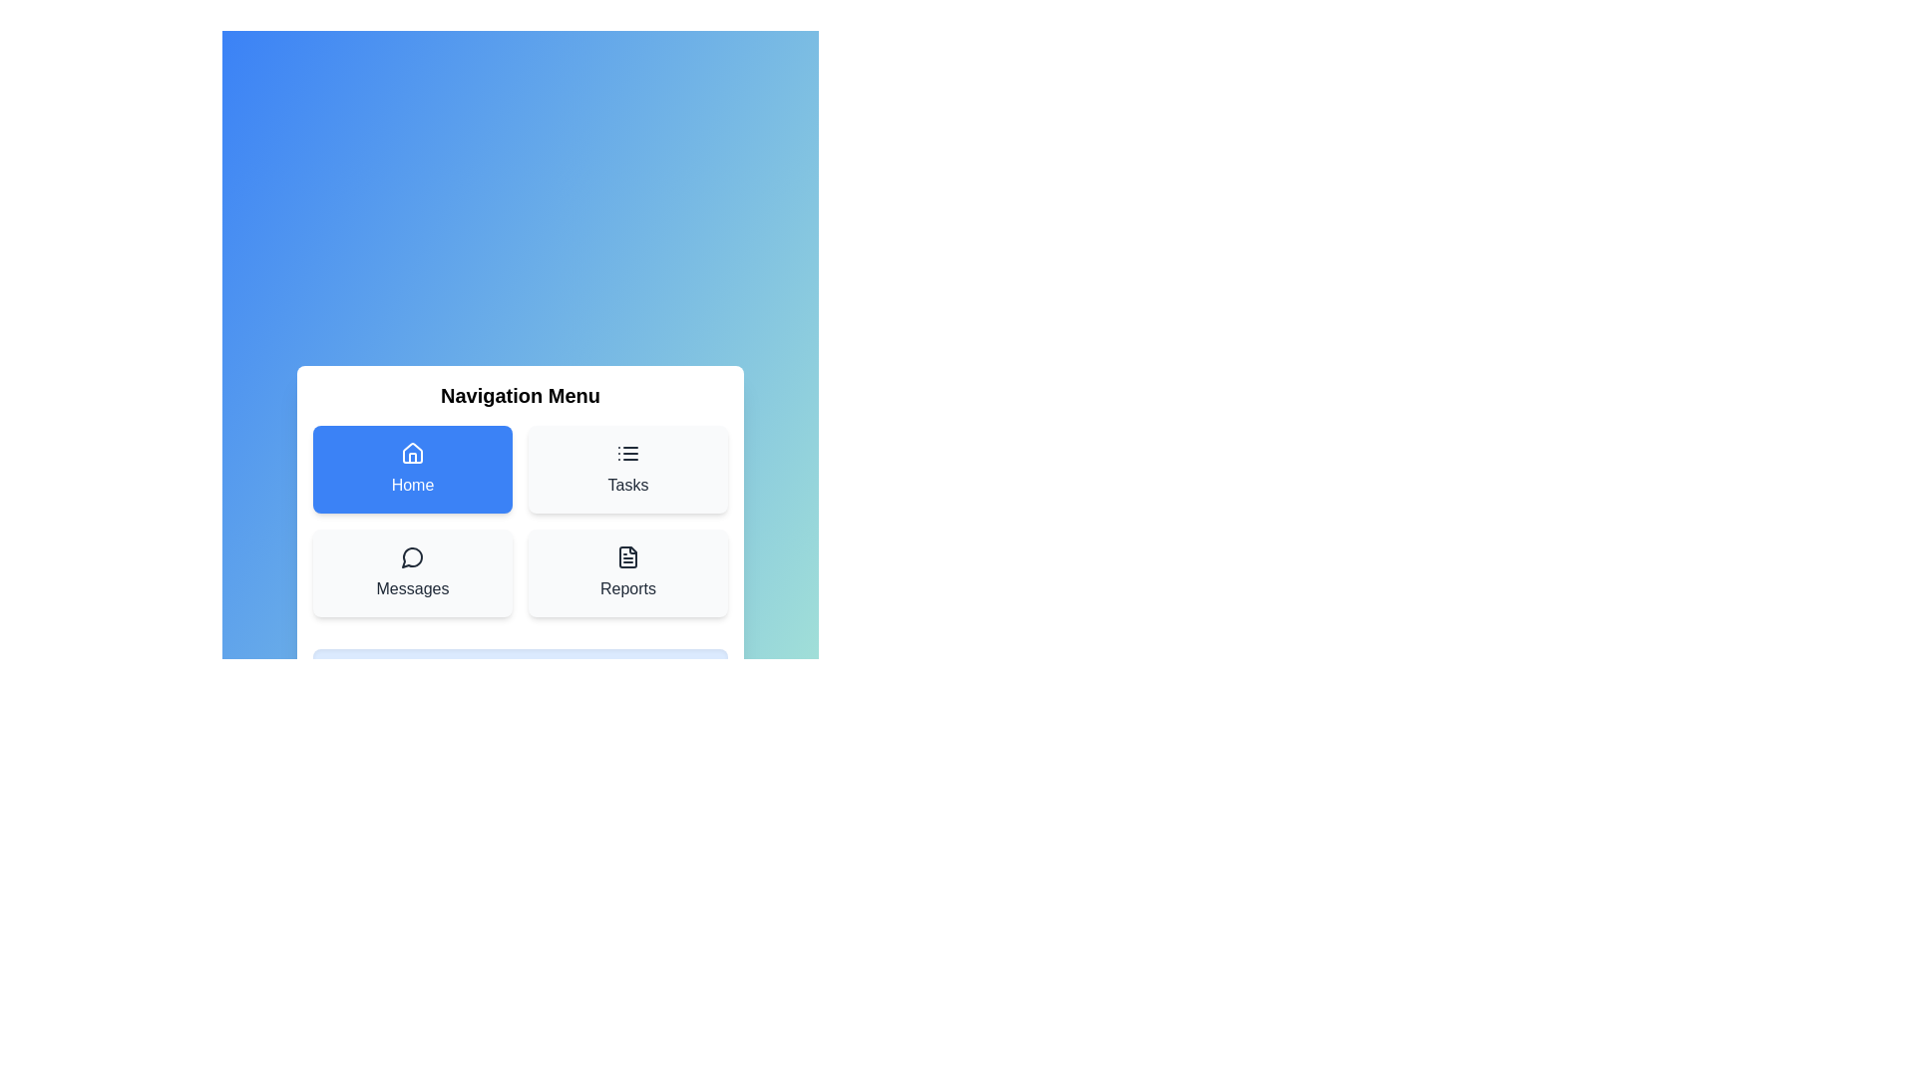  Describe the element at coordinates (626, 572) in the screenshot. I see `the menu item Reports to observe the visual feedback` at that location.